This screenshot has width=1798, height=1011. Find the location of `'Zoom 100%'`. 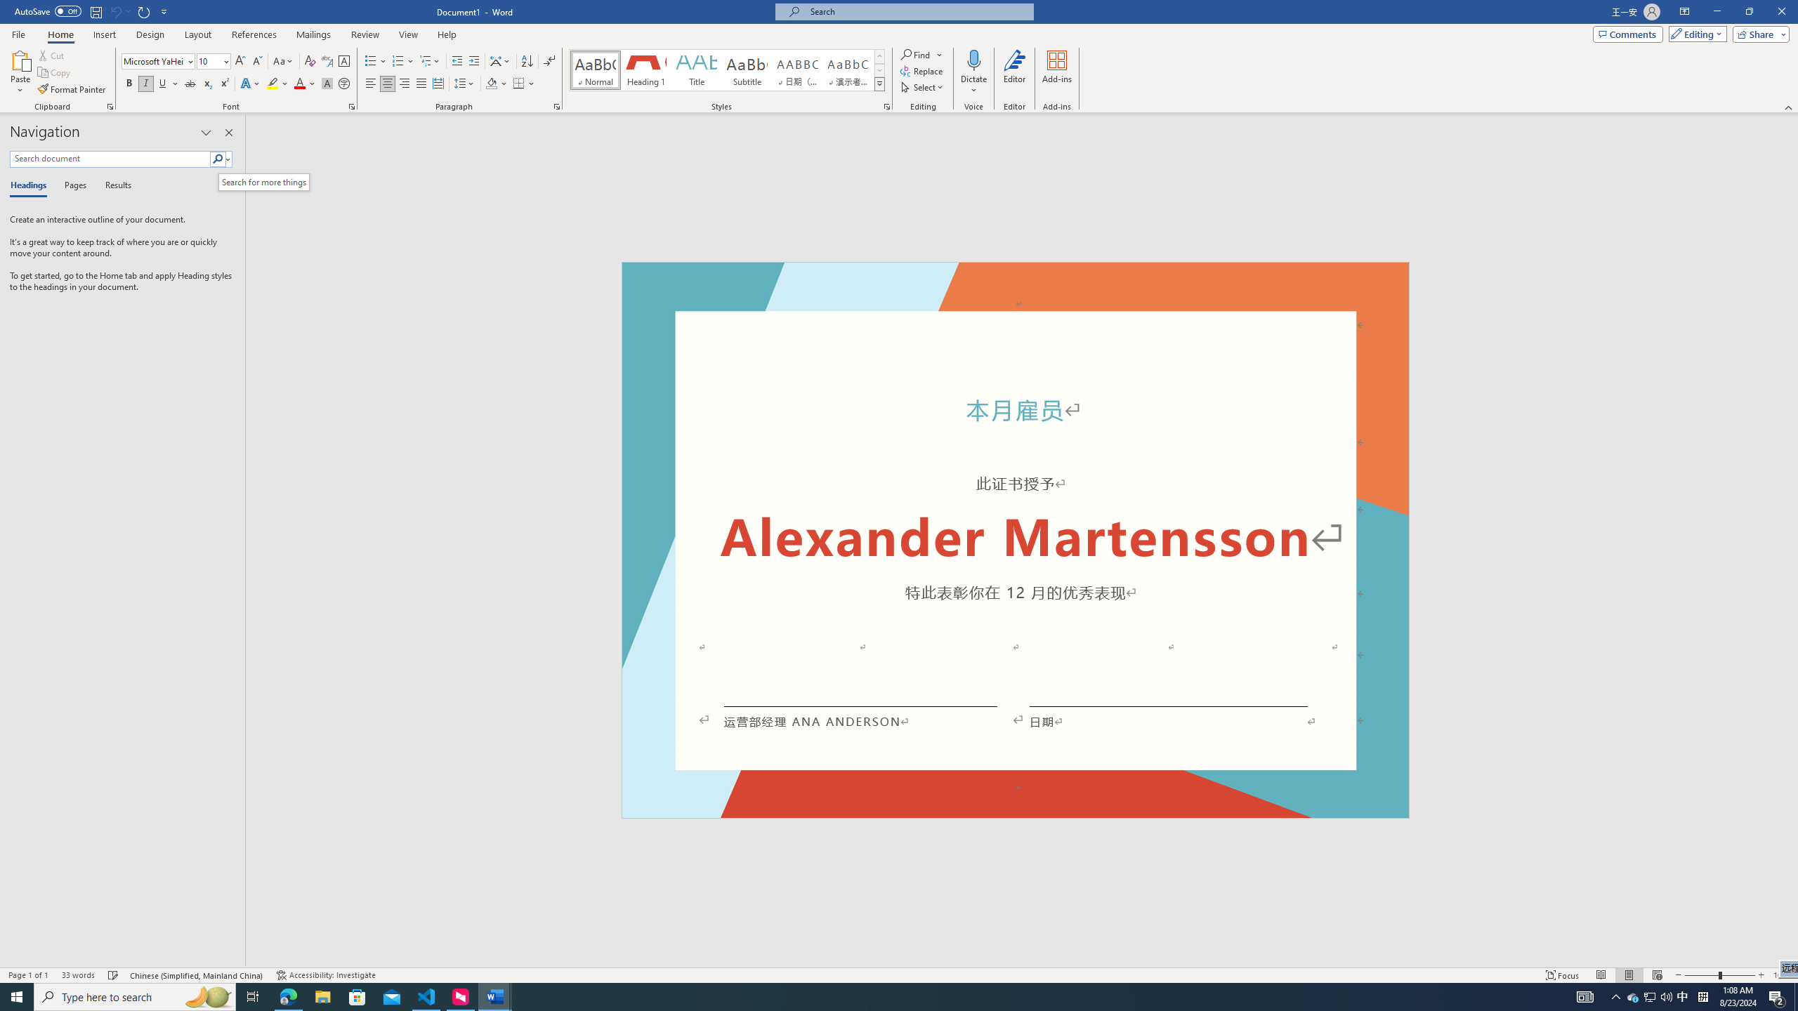

'Zoom 100%' is located at coordinates (1782, 975).